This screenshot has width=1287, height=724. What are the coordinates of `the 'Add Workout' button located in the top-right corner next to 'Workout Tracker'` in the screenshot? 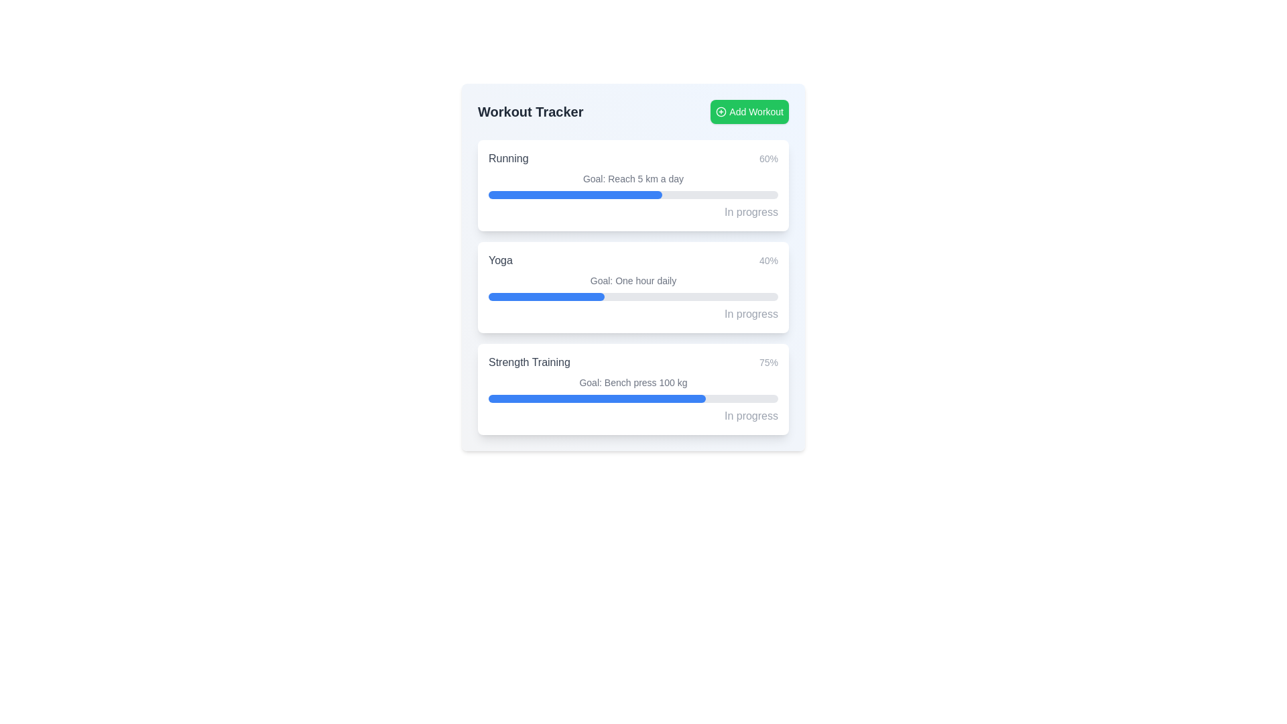 It's located at (749, 111).